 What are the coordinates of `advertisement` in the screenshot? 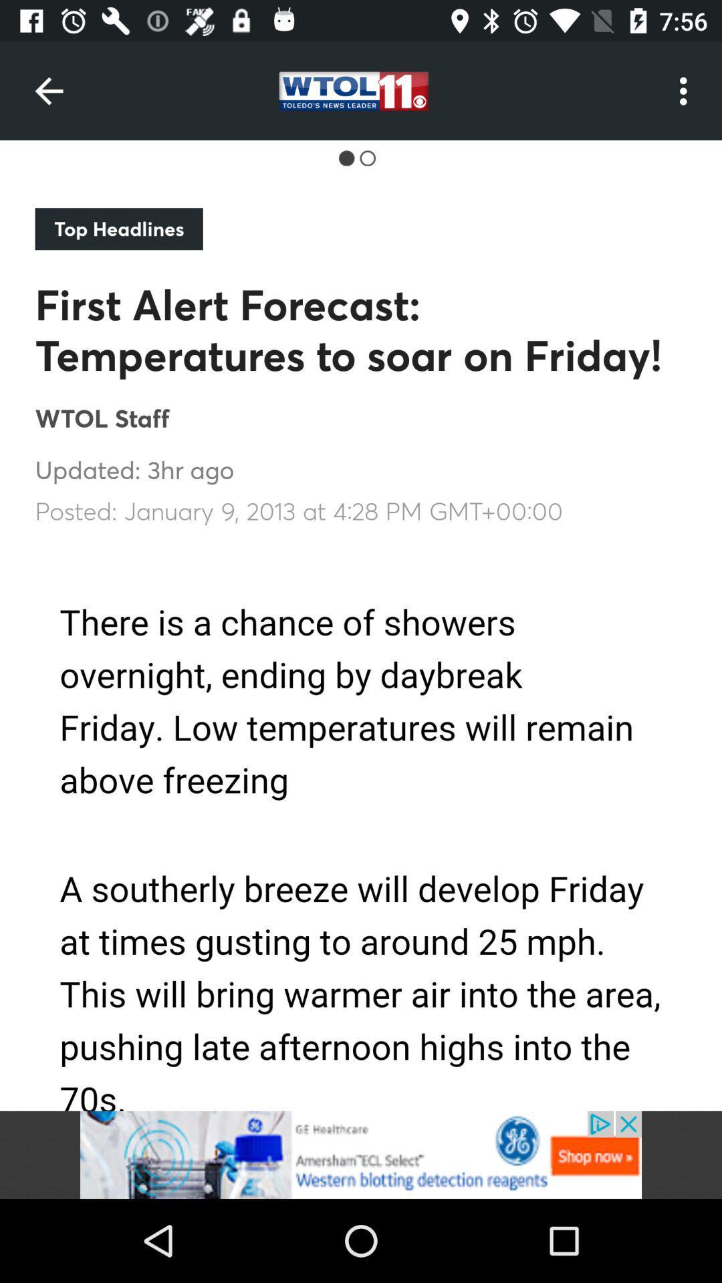 It's located at (361, 1154).